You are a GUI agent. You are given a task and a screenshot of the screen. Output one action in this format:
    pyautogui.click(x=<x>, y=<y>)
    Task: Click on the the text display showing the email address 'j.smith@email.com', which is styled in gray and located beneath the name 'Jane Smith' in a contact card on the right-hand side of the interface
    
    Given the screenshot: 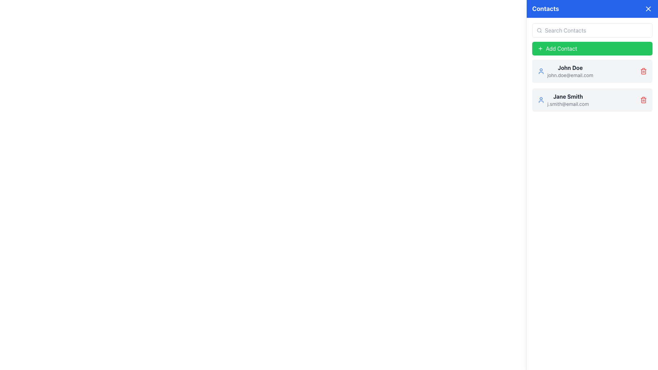 What is the action you would take?
    pyautogui.click(x=568, y=104)
    